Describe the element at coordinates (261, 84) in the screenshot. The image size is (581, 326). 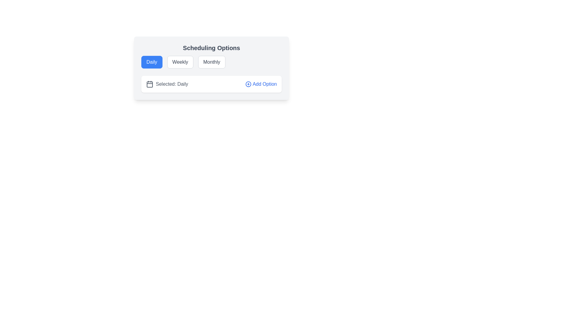
I see `the button located next to the phrase 'Selected: Daily'` at that location.